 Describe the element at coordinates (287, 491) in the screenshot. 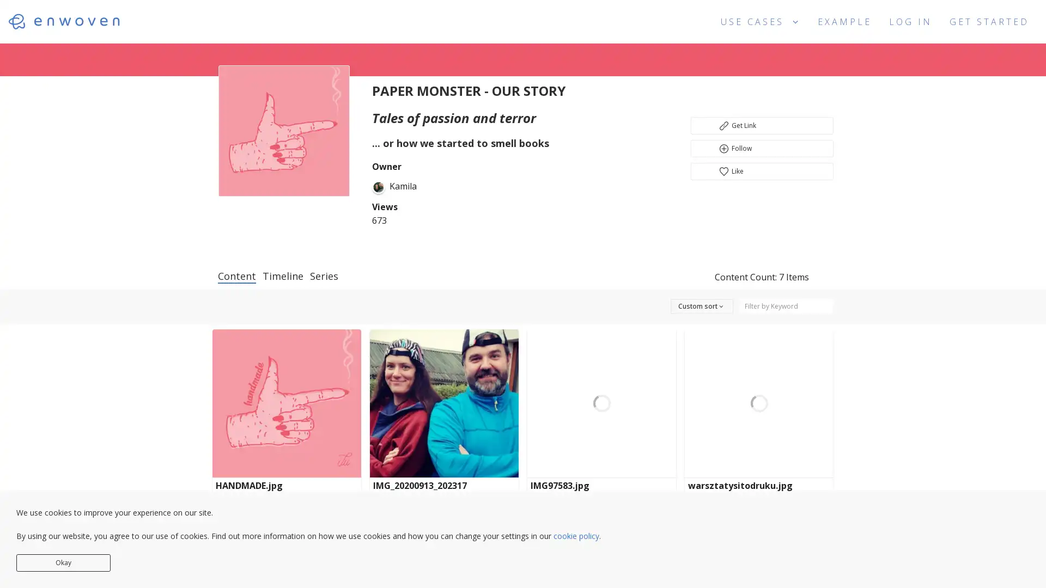

I see `HANDMADE.jpg` at that location.